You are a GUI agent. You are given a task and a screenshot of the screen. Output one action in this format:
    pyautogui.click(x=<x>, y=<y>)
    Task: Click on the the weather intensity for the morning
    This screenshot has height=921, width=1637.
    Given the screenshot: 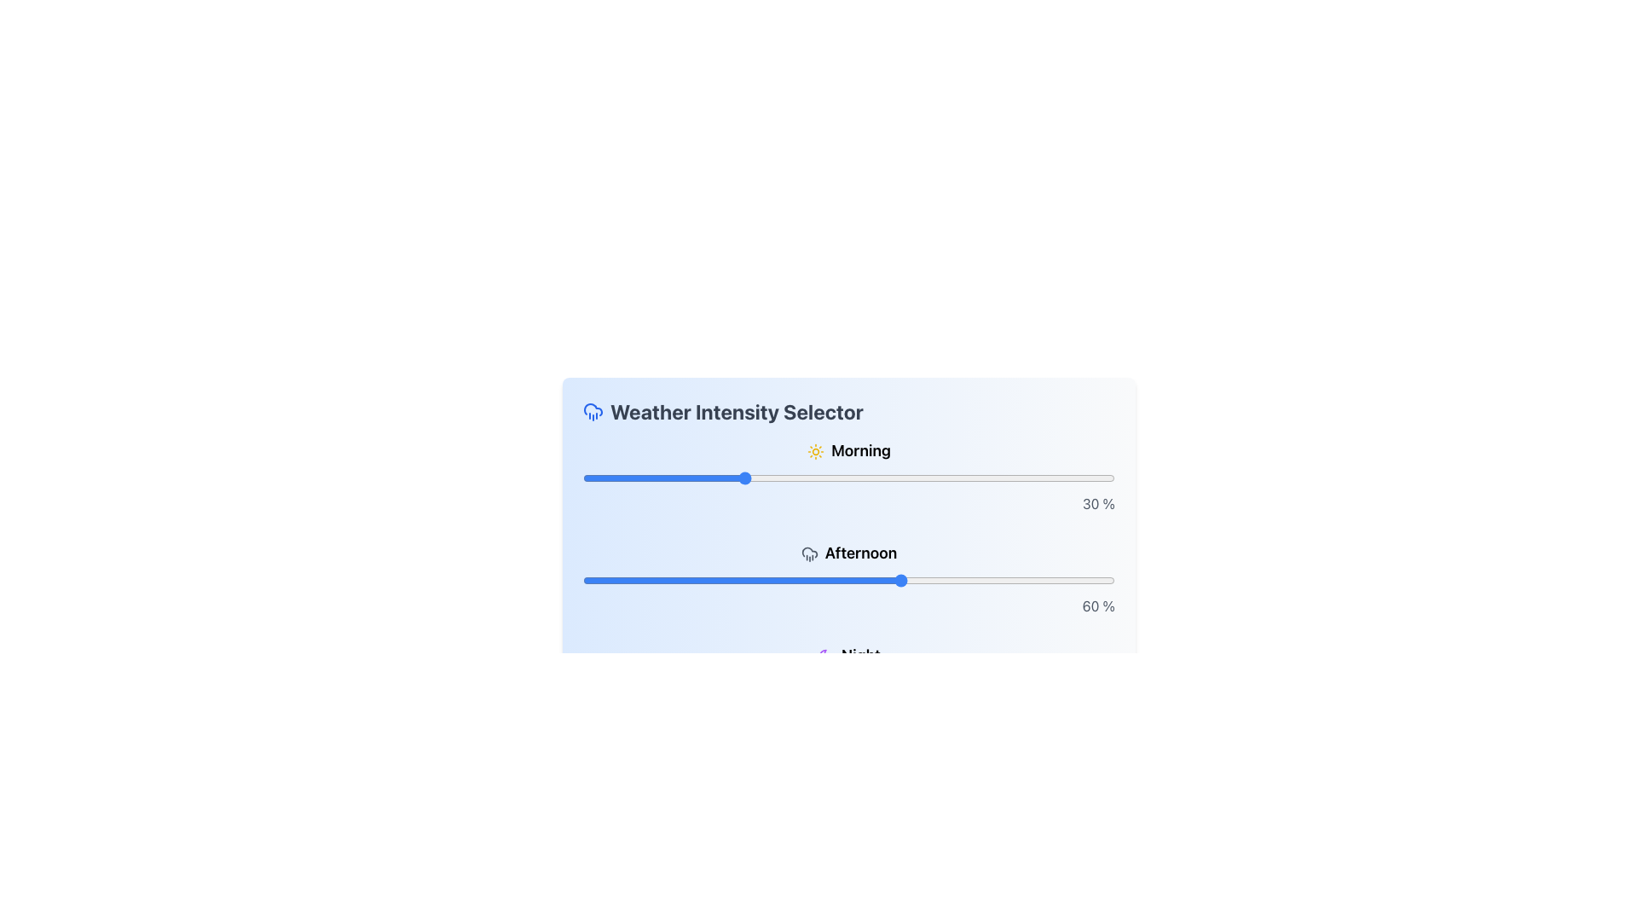 What is the action you would take?
    pyautogui.click(x=784, y=478)
    